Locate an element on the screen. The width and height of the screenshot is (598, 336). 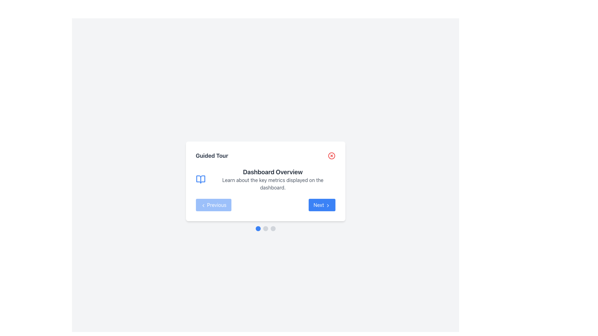
the forward action icon located at the rightmost end of the 'Next' button in the guided tour dialog box is located at coordinates (327, 205).